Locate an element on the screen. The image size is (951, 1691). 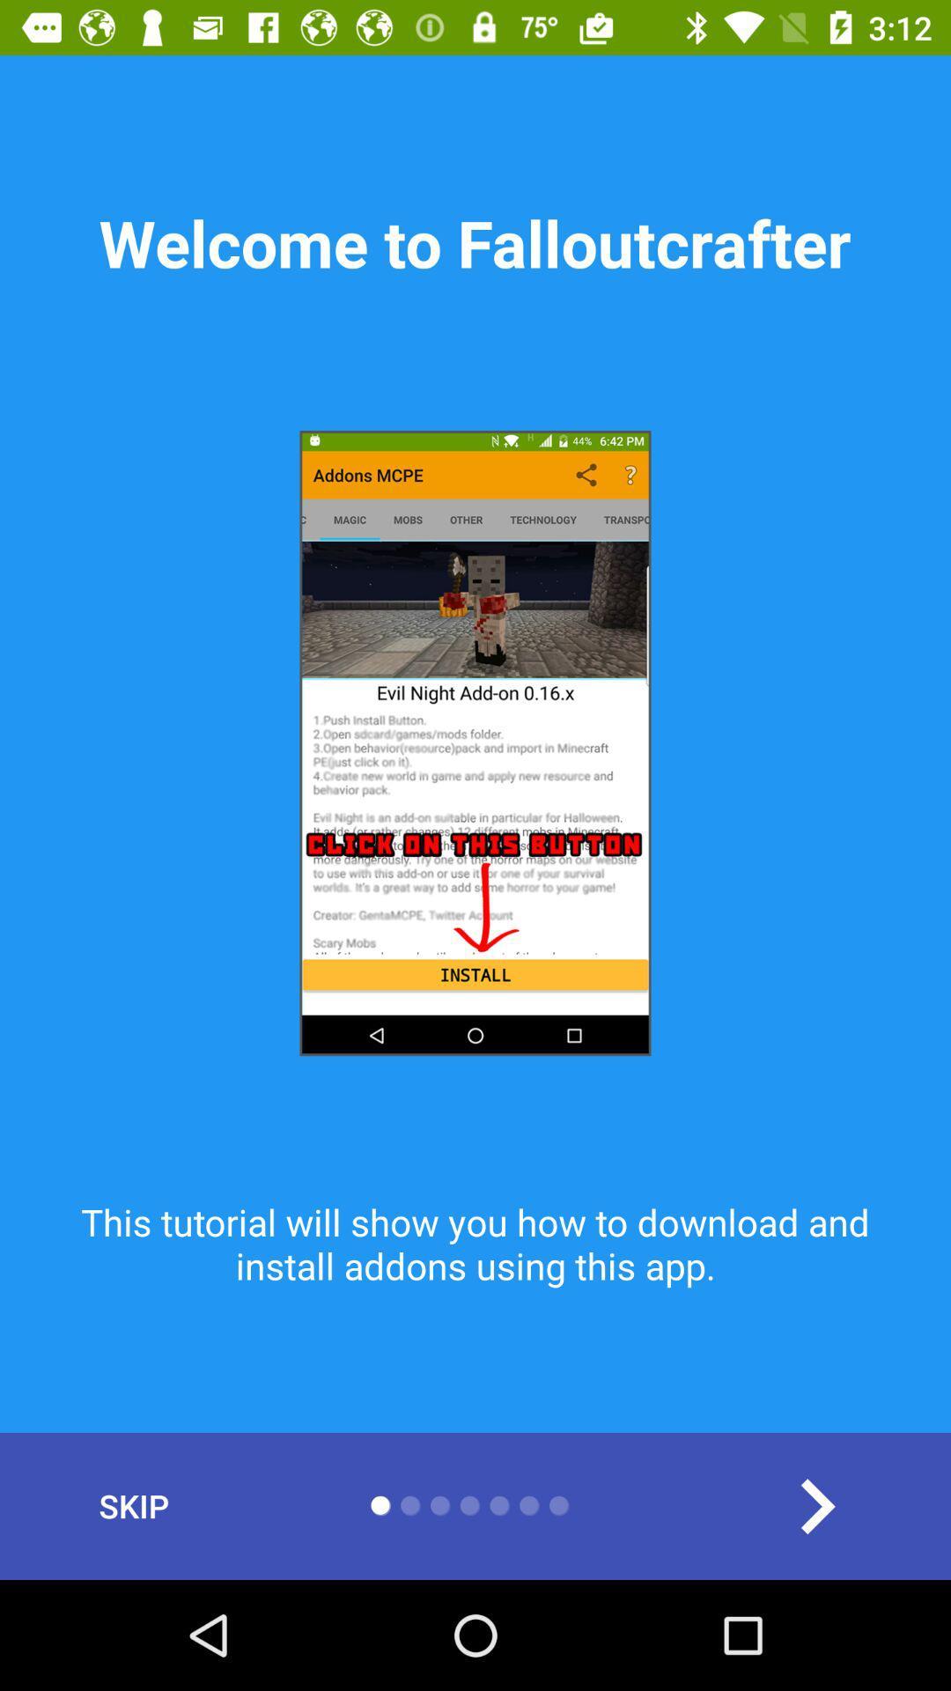
the skip is located at coordinates (133, 1505).